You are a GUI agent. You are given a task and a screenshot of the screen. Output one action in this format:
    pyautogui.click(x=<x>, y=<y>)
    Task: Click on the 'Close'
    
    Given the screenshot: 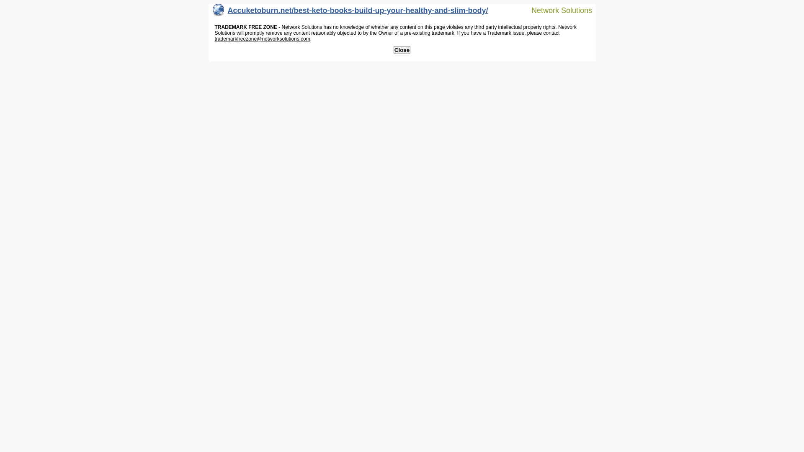 What is the action you would take?
    pyautogui.click(x=402, y=50)
    